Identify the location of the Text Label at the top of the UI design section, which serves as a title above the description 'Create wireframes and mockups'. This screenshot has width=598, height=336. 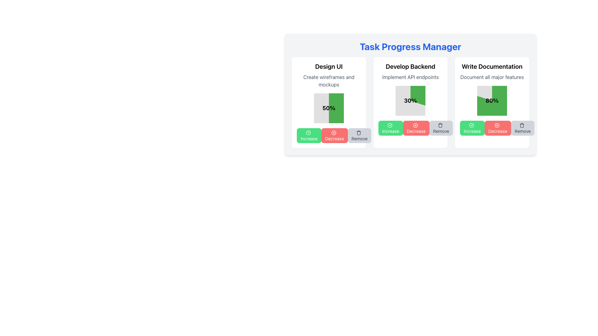
(329, 66).